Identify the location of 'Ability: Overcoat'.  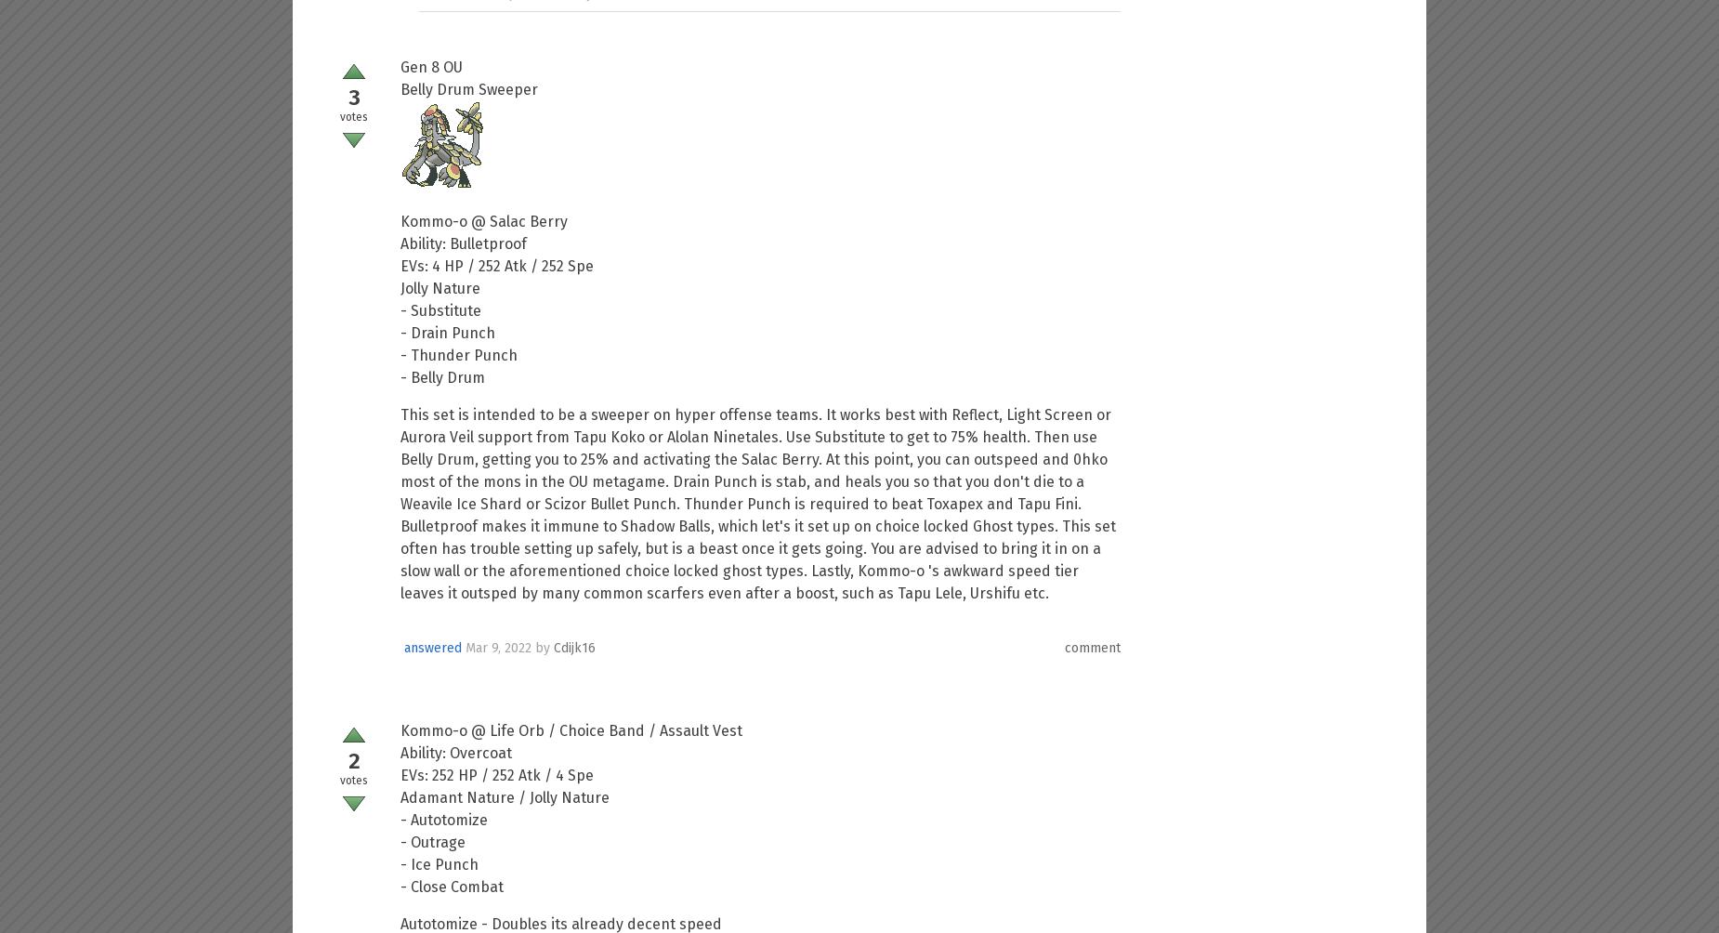
(455, 753).